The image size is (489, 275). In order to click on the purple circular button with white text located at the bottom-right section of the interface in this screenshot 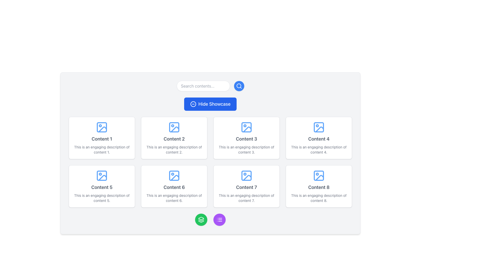, I will do `click(220, 219)`.